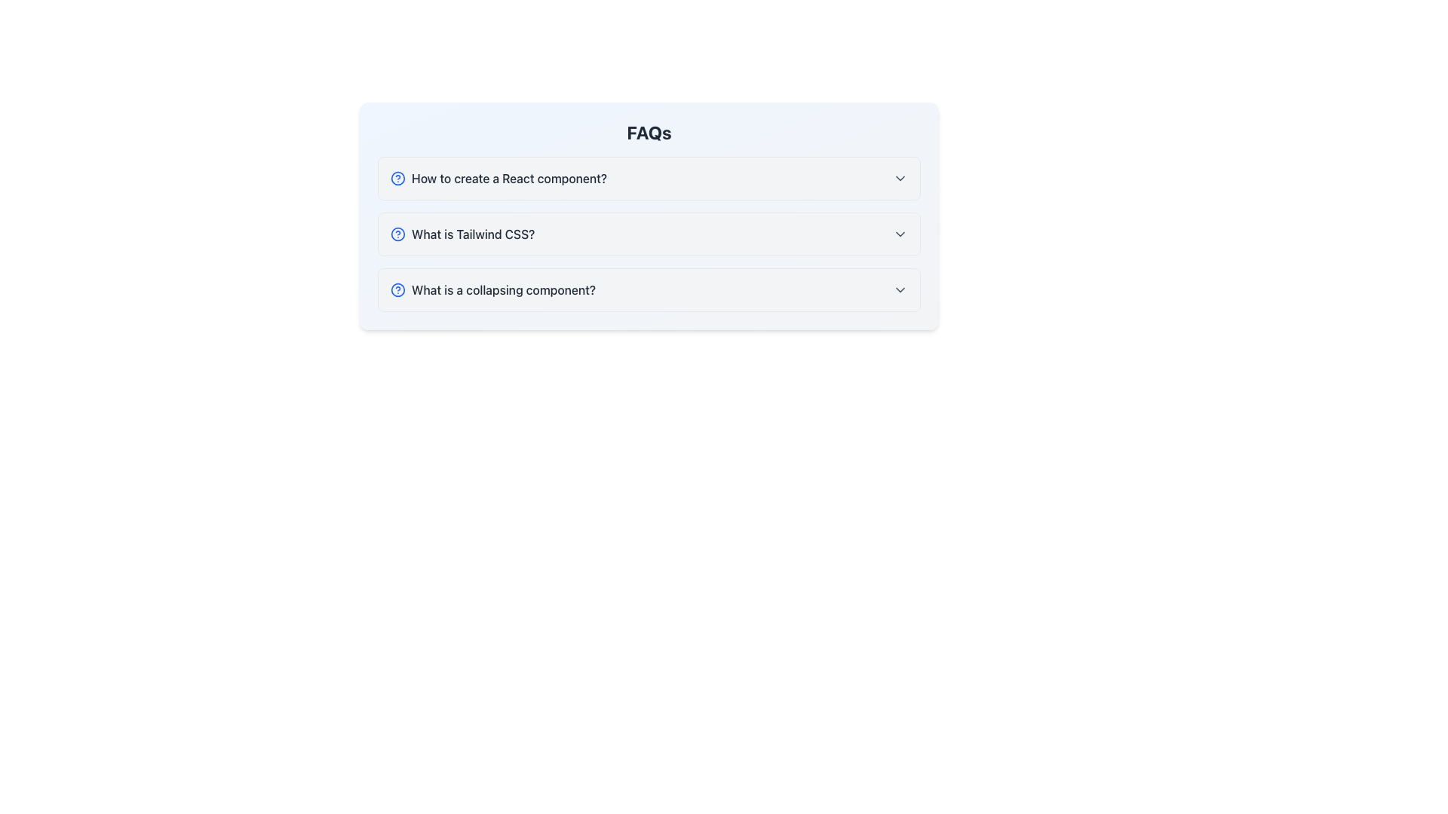  What do you see at coordinates (649, 234) in the screenshot?
I see `the second collapsible FAQ item` at bounding box center [649, 234].